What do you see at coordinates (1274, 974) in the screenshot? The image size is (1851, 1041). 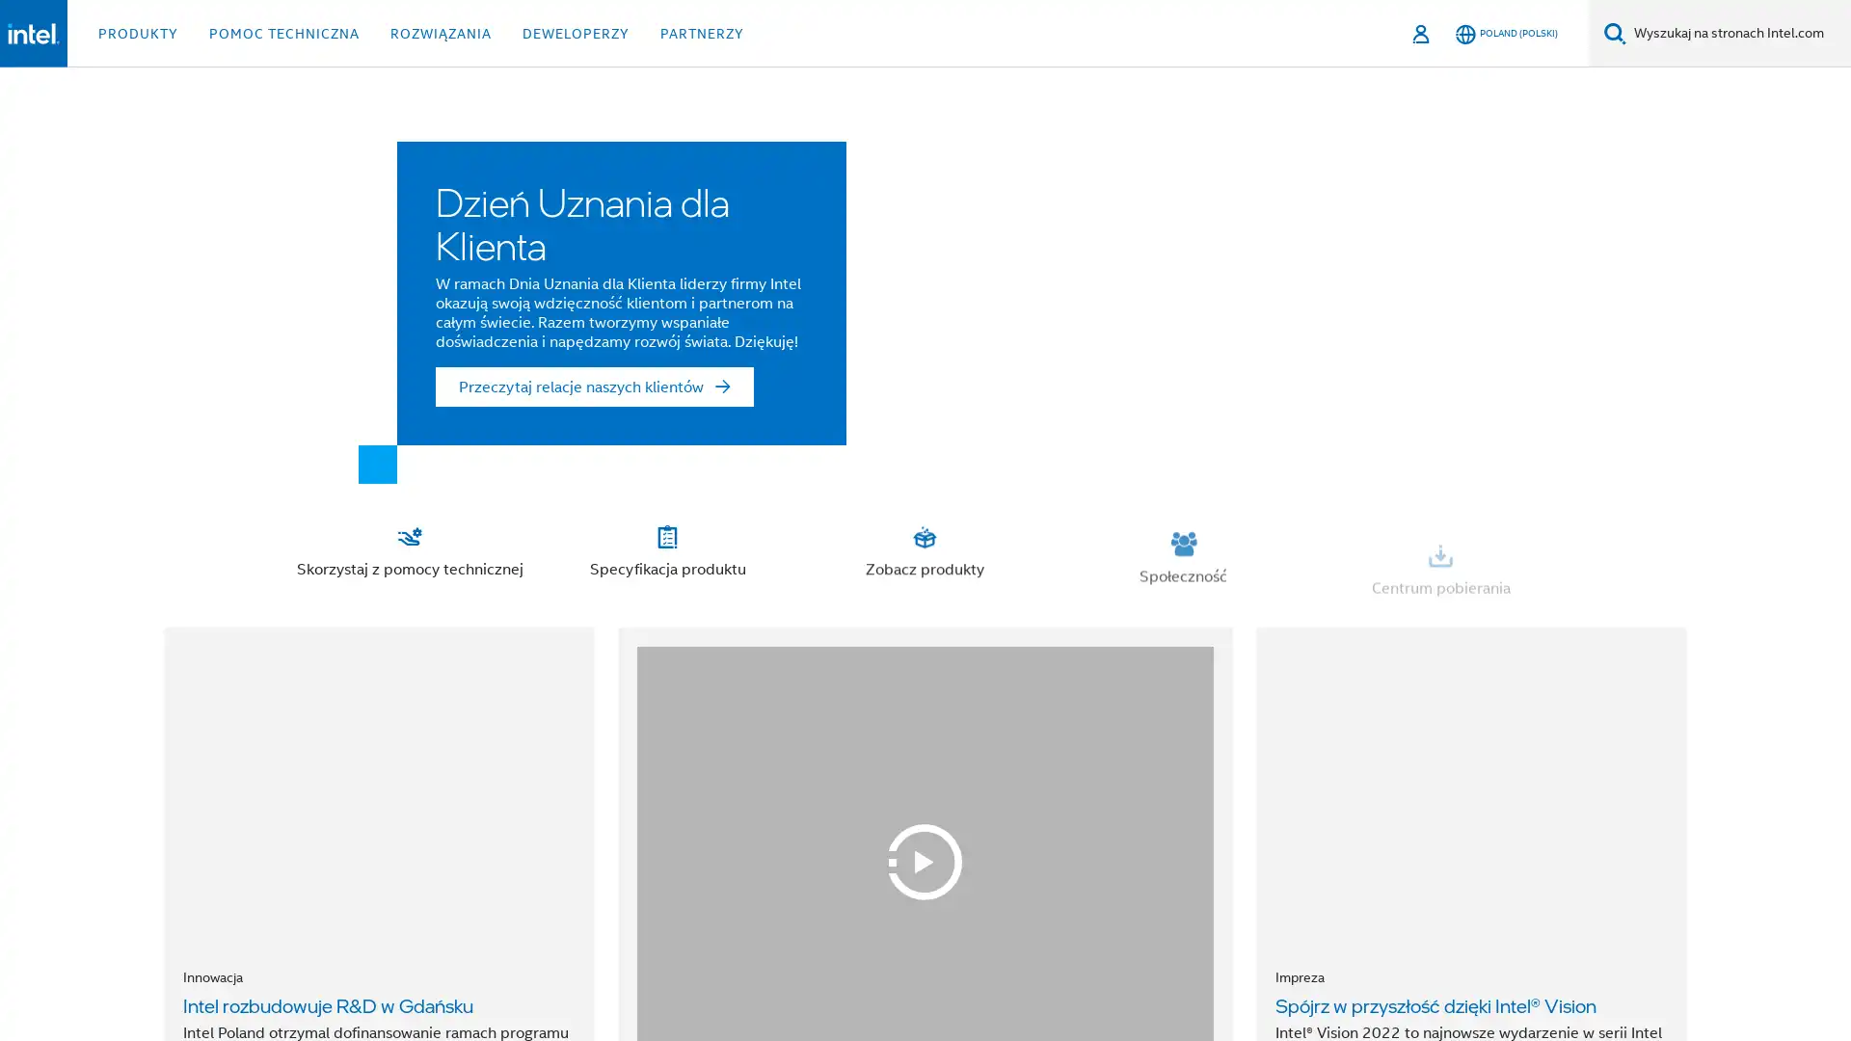 I see `Aktywuj pliki cookie` at bounding box center [1274, 974].